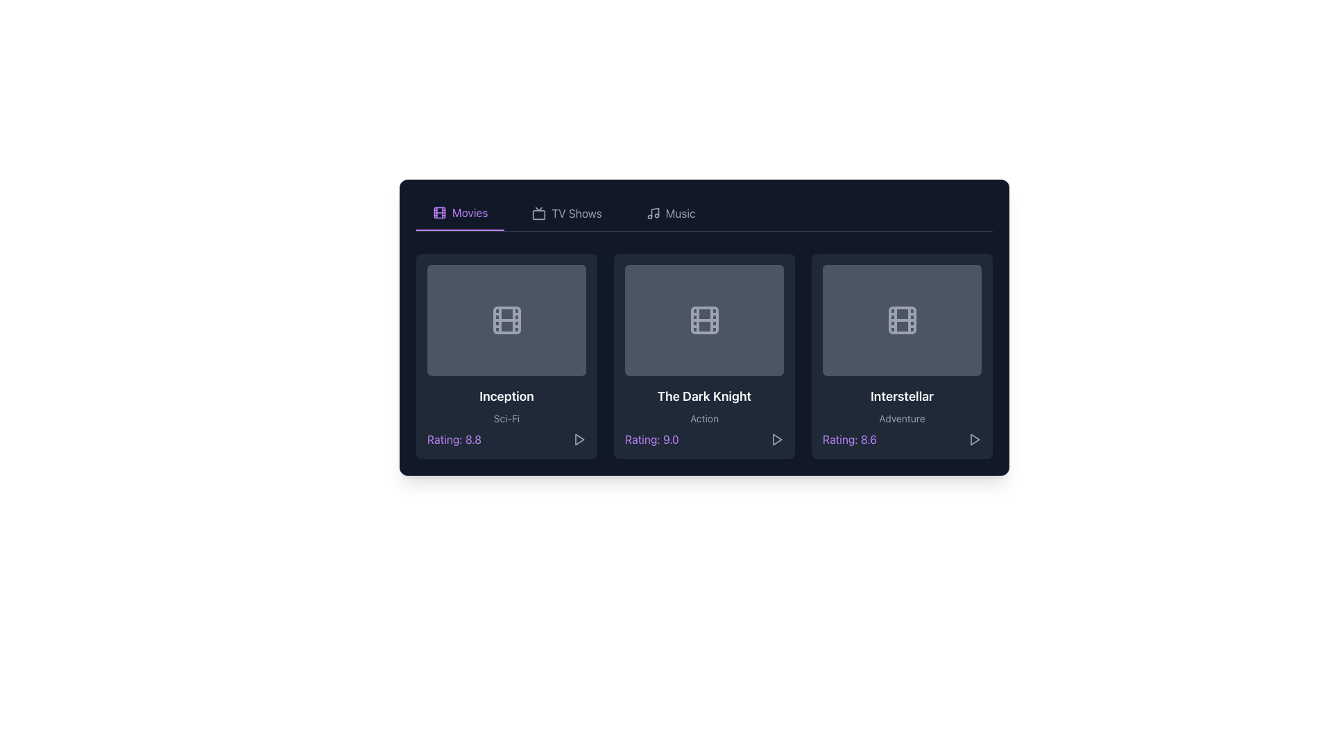 The height and width of the screenshot is (749, 1332). Describe the element at coordinates (652, 214) in the screenshot. I see `the musical note icon located in the navigation menu adjacent to the label 'Music'` at that location.